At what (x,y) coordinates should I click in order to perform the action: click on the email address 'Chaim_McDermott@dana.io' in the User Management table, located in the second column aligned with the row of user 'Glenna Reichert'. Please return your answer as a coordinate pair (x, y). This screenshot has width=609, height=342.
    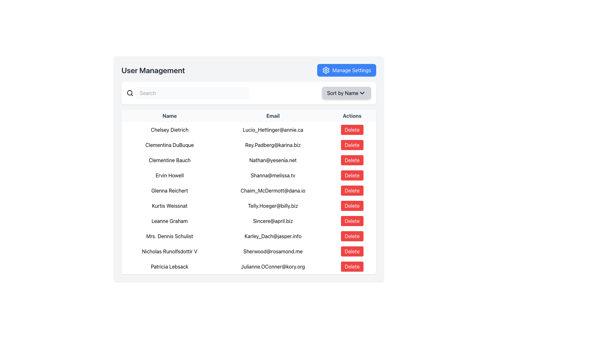
    Looking at the image, I should click on (273, 190).